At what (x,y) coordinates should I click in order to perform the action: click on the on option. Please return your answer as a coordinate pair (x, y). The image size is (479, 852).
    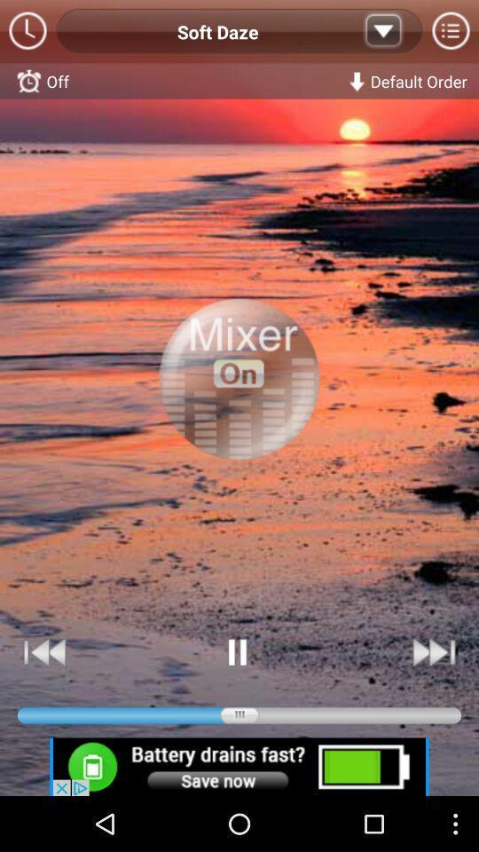
    Looking at the image, I should click on (239, 398).